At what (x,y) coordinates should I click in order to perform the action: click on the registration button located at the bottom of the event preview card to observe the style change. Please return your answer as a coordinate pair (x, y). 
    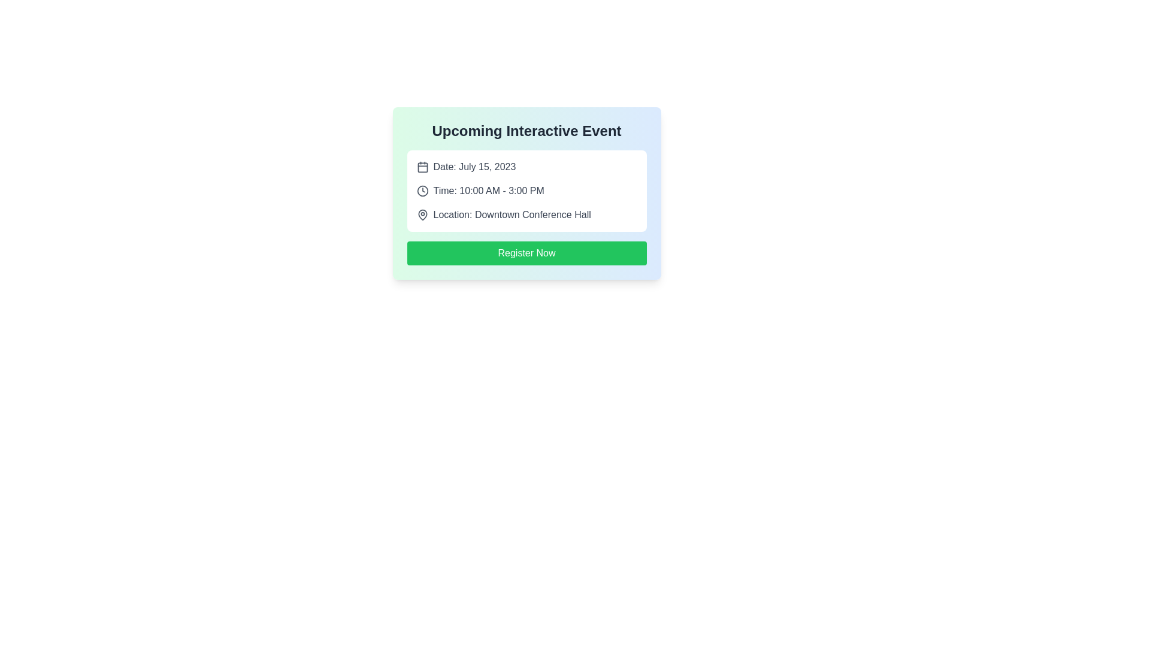
    Looking at the image, I should click on (526, 253).